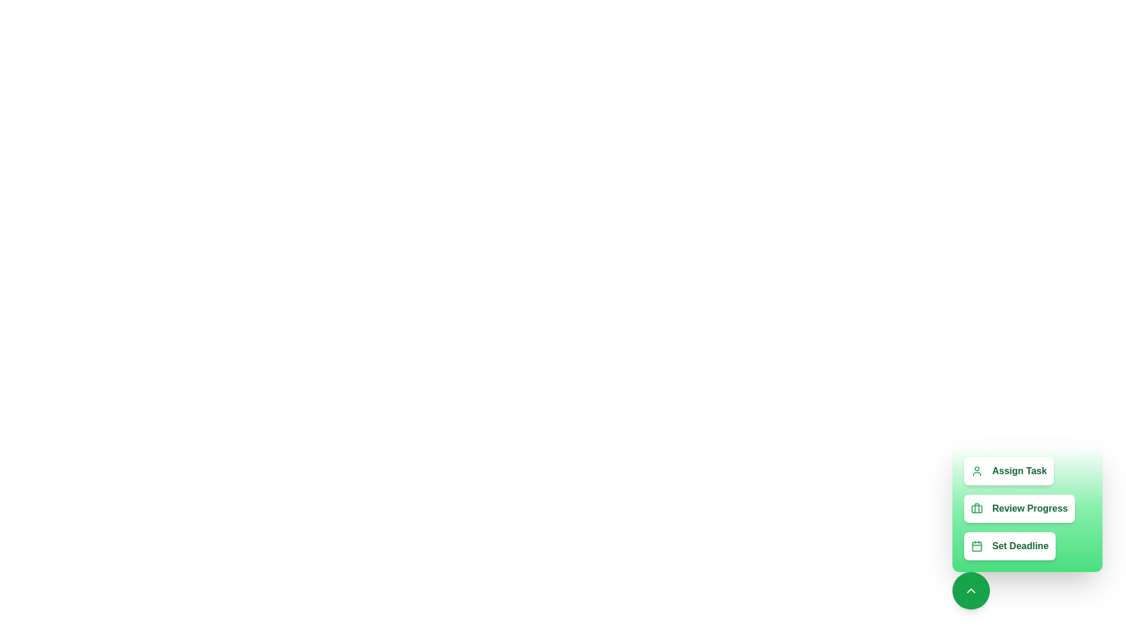 This screenshot has height=633, width=1126. Describe the element at coordinates (1008, 470) in the screenshot. I see `the button to execute the task action Assign Task` at that location.